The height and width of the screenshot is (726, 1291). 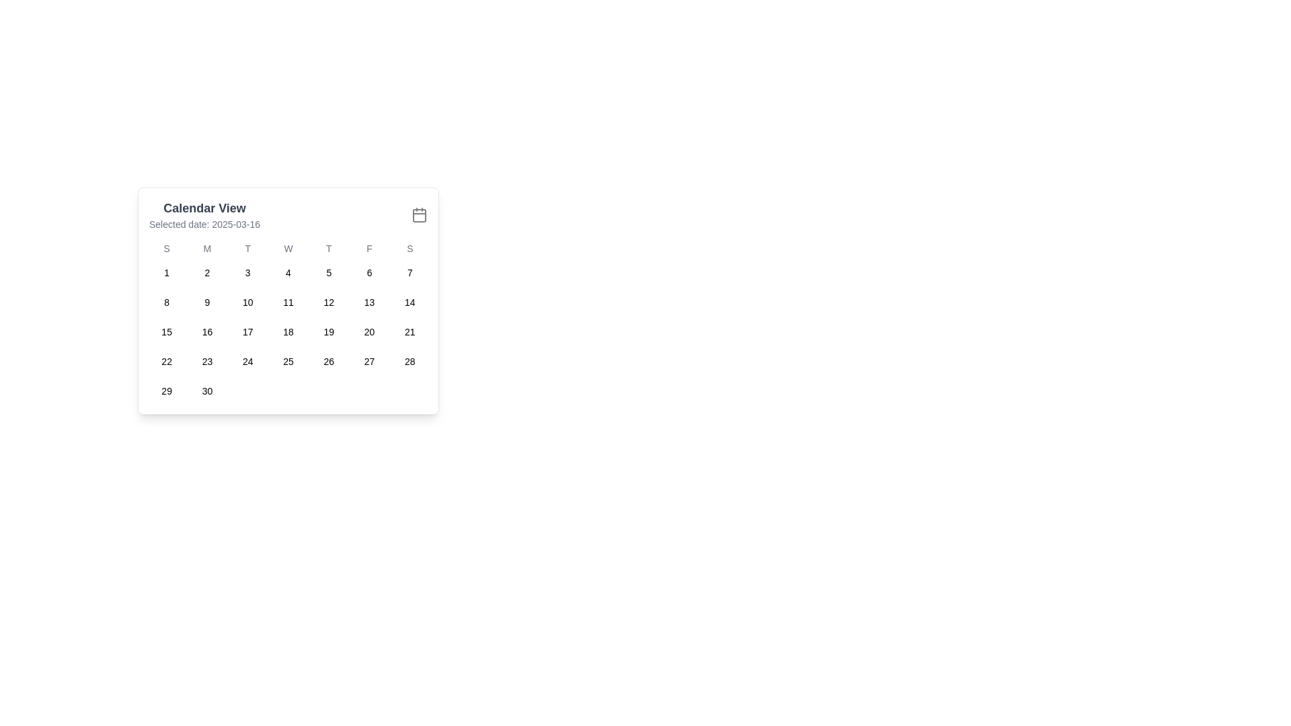 What do you see at coordinates (329, 249) in the screenshot?
I see `the uppercase letter 'T' in gray font located in the fifth column of the calendar grid header, positioned between 'W' and 'F'` at bounding box center [329, 249].